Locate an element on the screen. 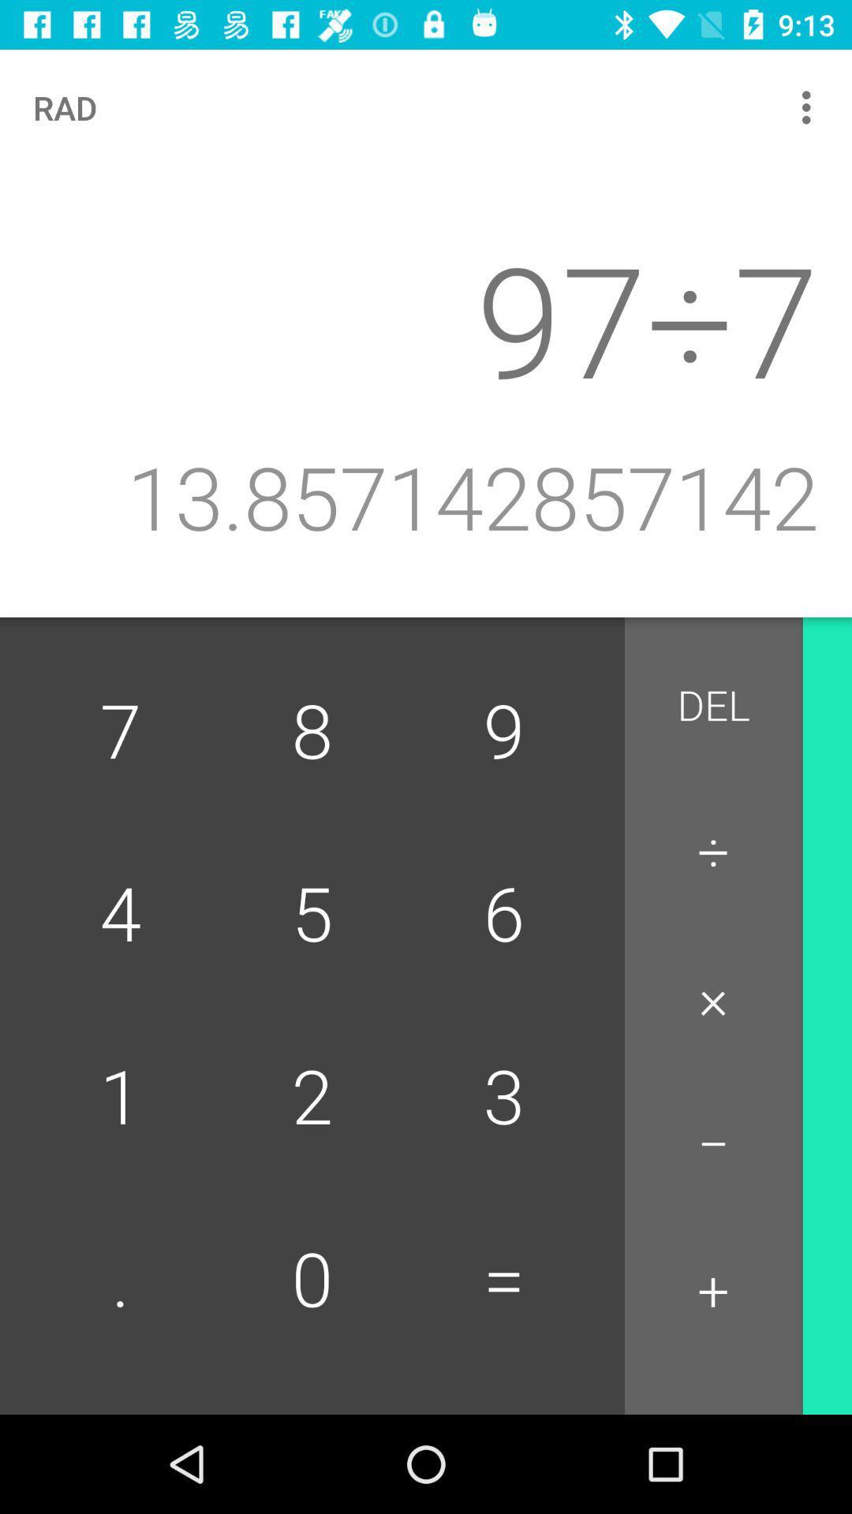  + icon is located at coordinates (713, 1292).